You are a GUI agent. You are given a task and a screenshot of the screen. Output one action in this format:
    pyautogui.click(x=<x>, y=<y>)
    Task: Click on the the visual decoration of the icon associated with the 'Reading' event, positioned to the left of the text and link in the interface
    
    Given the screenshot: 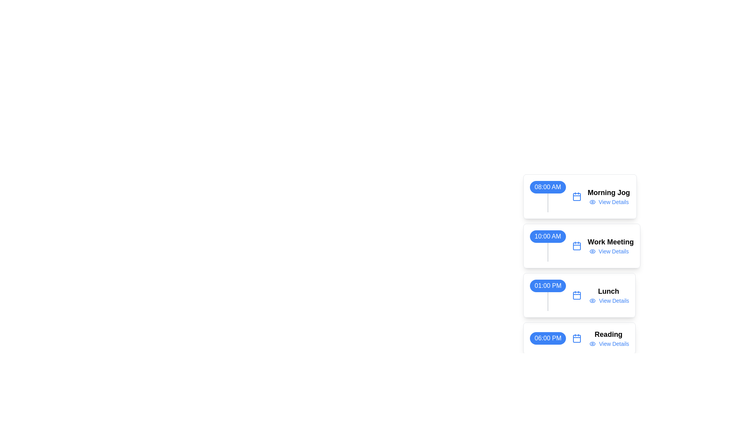 What is the action you would take?
    pyautogui.click(x=577, y=338)
    